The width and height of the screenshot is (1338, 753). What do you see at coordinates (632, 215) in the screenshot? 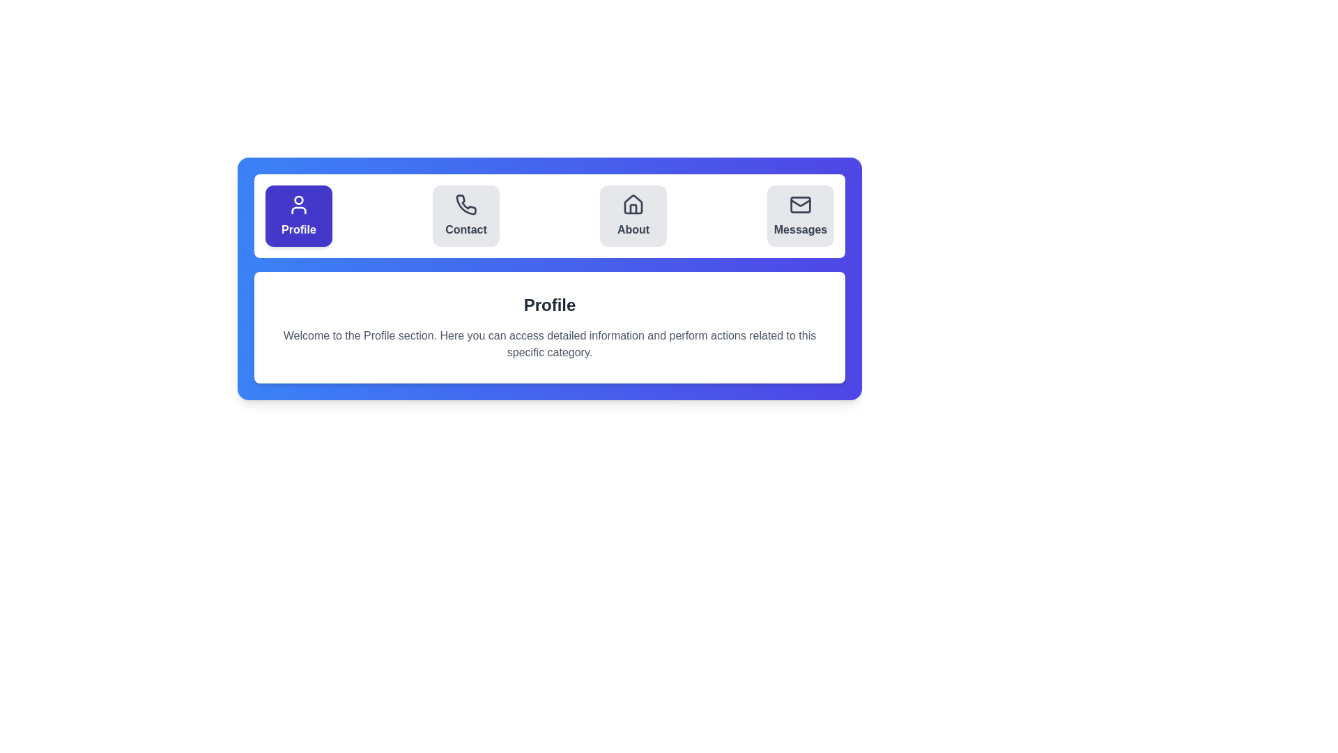
I see `the tab labeled 'About' to observe its hover effect` at bounding box center [632, 215].